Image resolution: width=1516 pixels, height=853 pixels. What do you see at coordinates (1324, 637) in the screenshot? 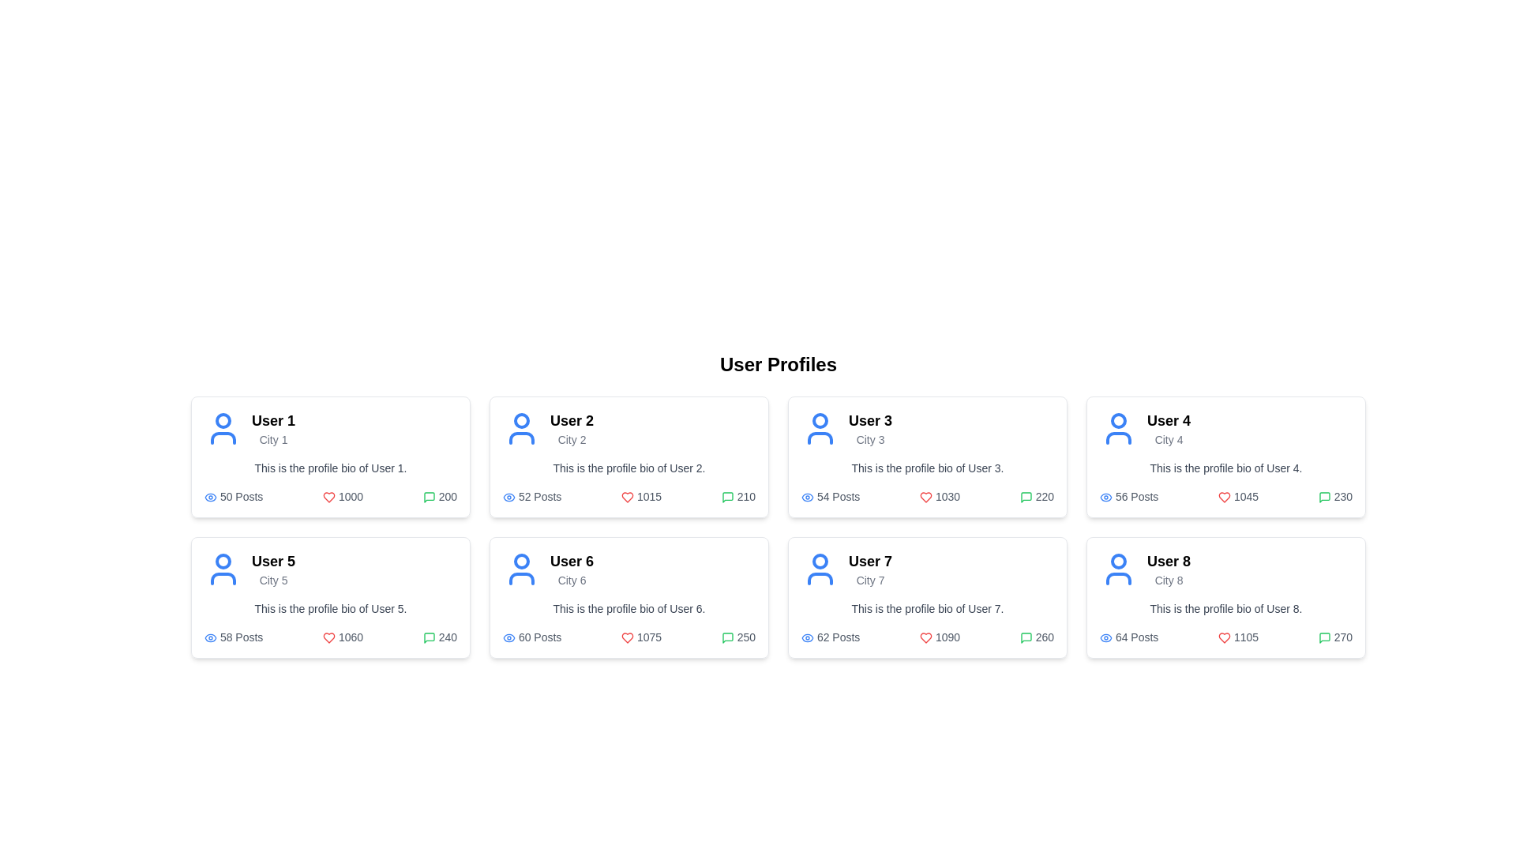
I see `the messaging or commenting icon located at the bottom right corner of the user profile card labeled 'User 8'` at bounding box center [1324, 637].